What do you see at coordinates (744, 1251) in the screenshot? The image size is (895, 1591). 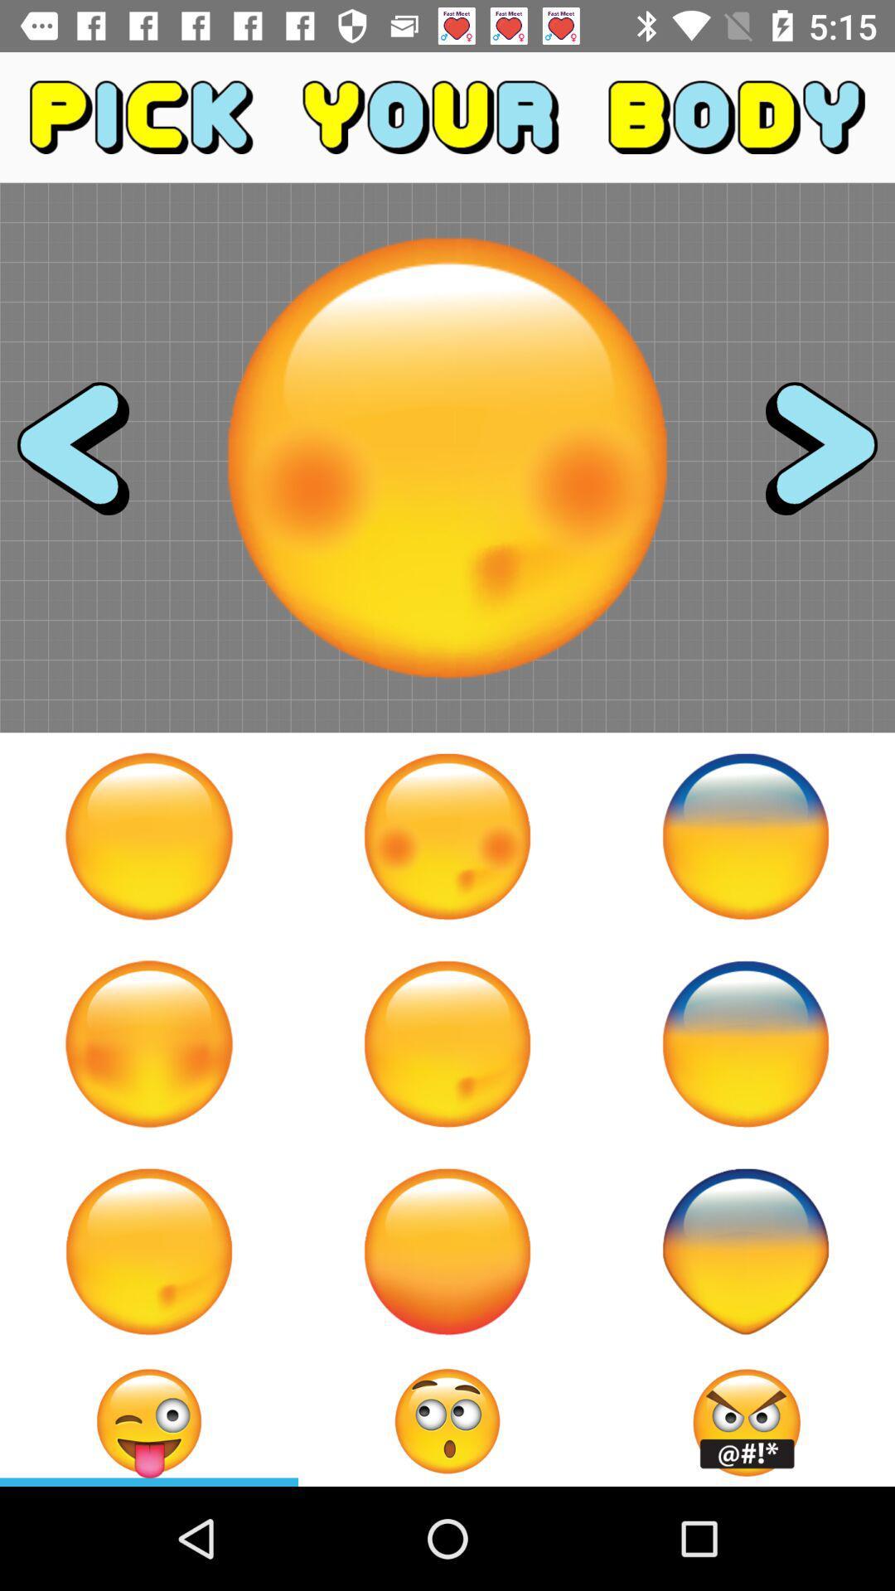 I see `funny simbol` at bounding box center [744, 1251].